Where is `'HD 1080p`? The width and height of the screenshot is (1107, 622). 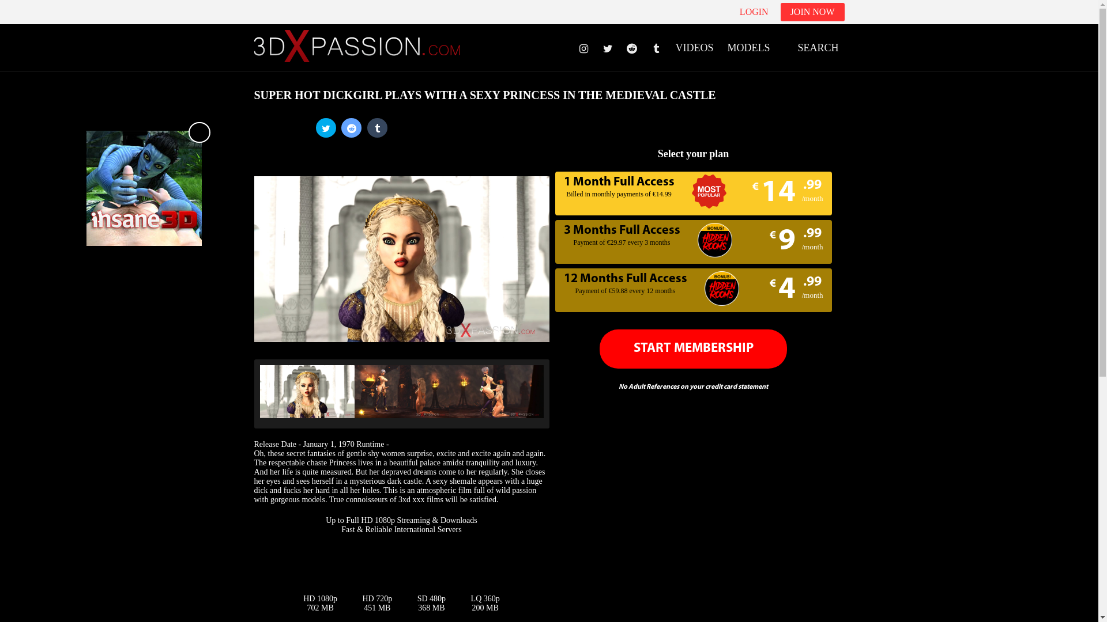
'HD 1080p is located at coordinates (320, 602).